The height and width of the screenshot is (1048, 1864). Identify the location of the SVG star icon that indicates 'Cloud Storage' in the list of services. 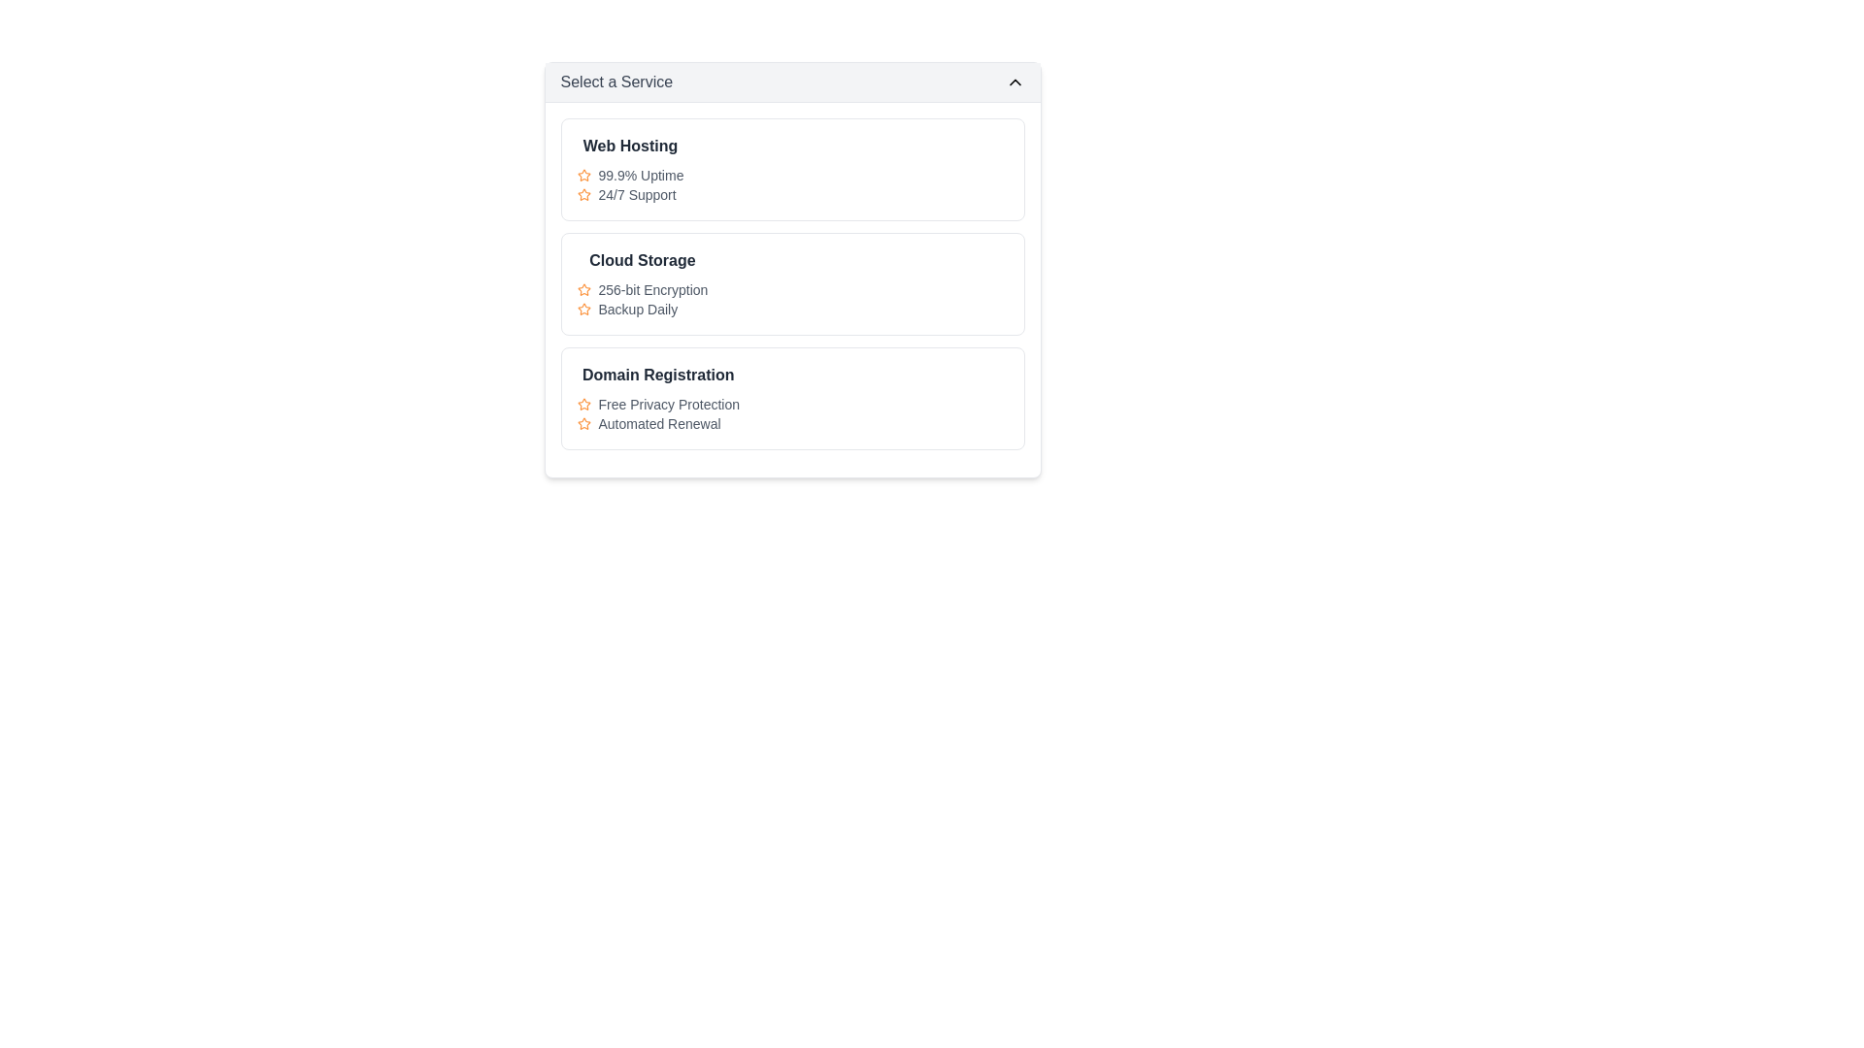
(582, 289).